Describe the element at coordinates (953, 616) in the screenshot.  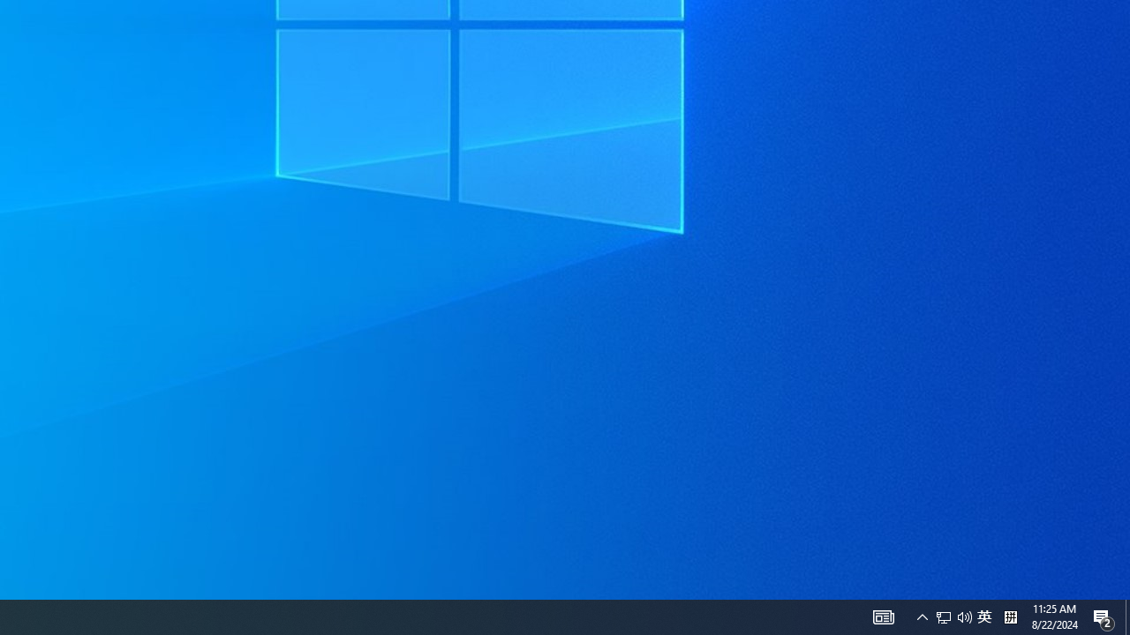
I see `'Q2790: 100%'` at that location.